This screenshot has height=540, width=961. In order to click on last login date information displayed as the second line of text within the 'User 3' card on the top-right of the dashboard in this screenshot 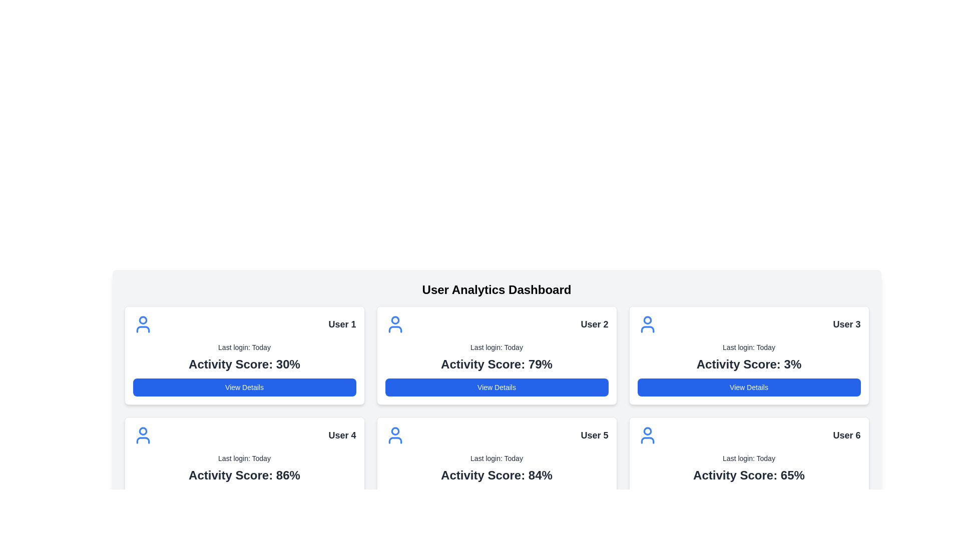, I will do `click(749, 346)`.